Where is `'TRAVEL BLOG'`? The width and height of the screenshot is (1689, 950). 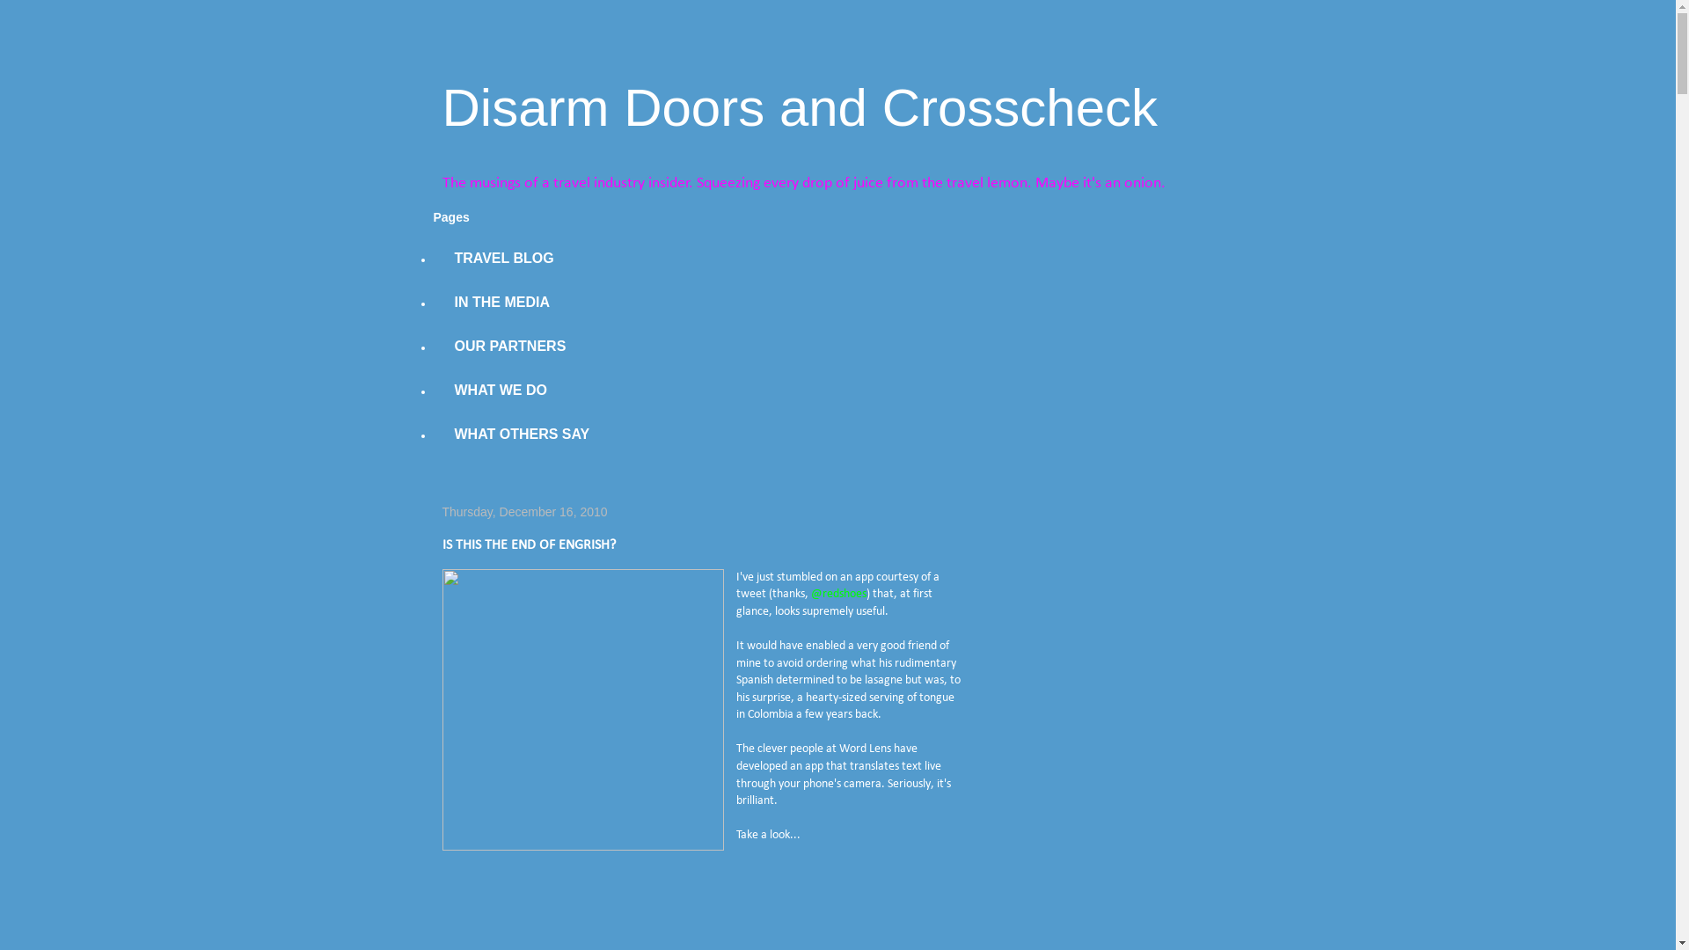
'TRAVEL BLOG' is located at coordinates (502, 258).